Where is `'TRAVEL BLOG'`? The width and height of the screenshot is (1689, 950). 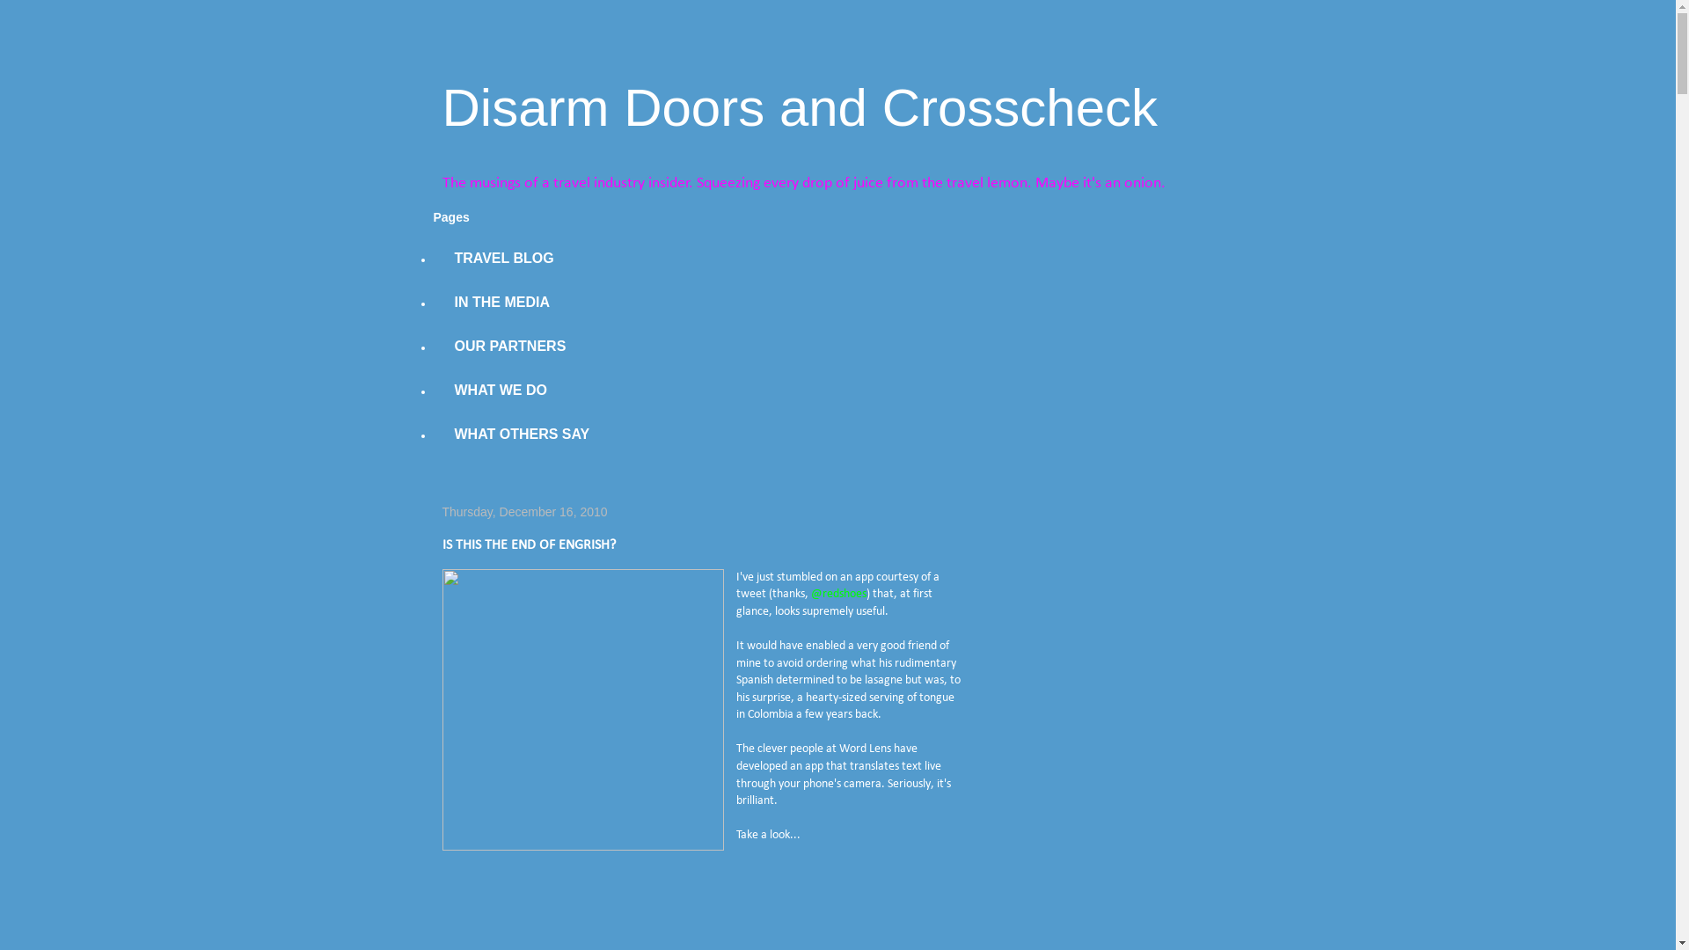
'TRAVEL BLOG' is located at coordinates (502, 258).